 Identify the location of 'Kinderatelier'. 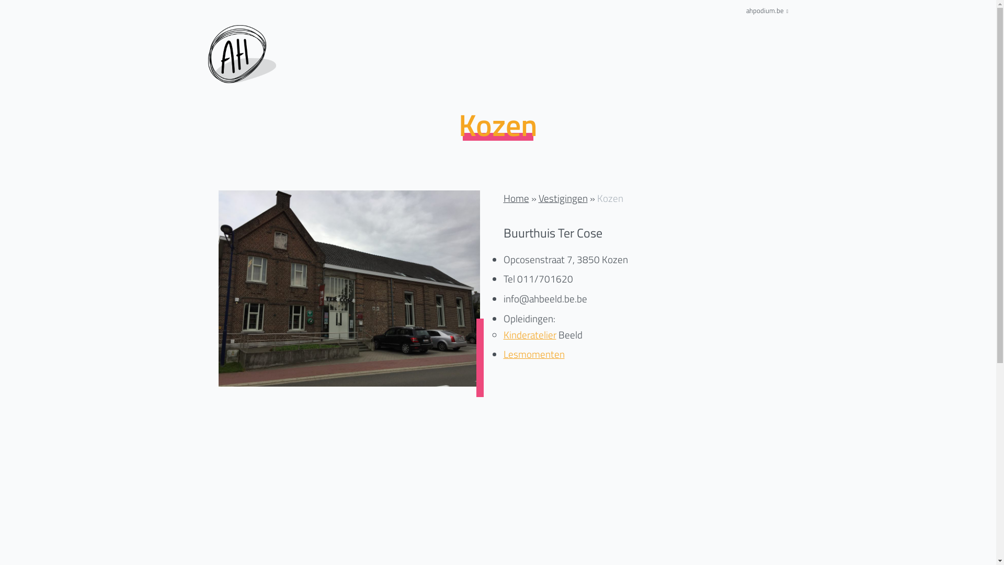
(529, 334).